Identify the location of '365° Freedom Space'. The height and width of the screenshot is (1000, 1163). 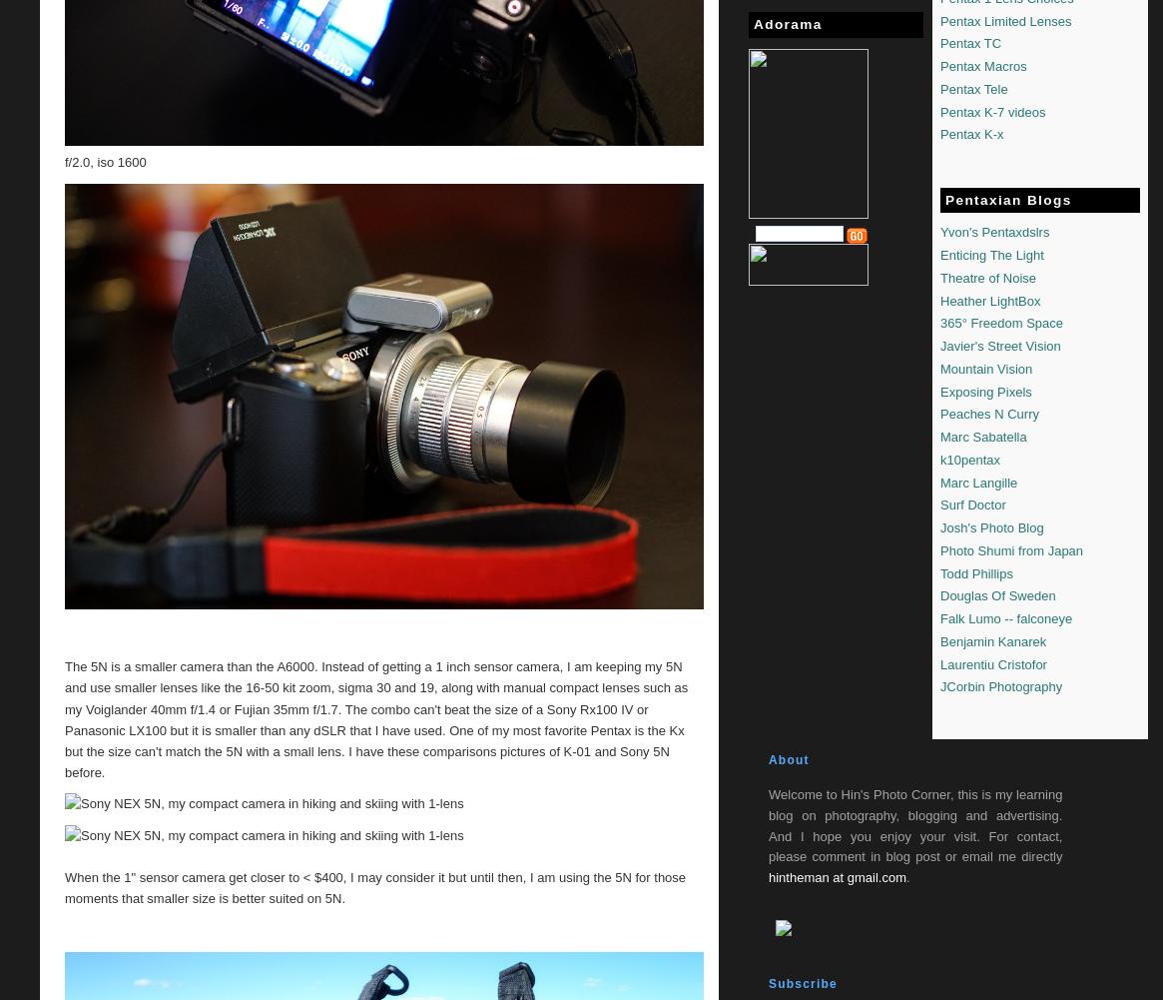
(1001, 323).